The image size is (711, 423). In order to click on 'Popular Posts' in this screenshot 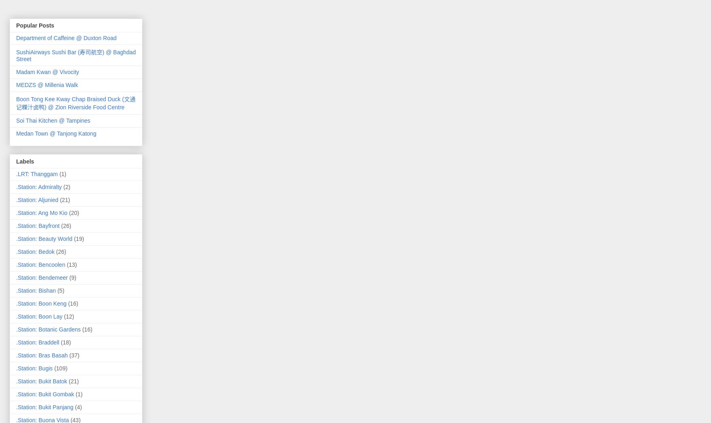, I will do `click(35, 26)`.